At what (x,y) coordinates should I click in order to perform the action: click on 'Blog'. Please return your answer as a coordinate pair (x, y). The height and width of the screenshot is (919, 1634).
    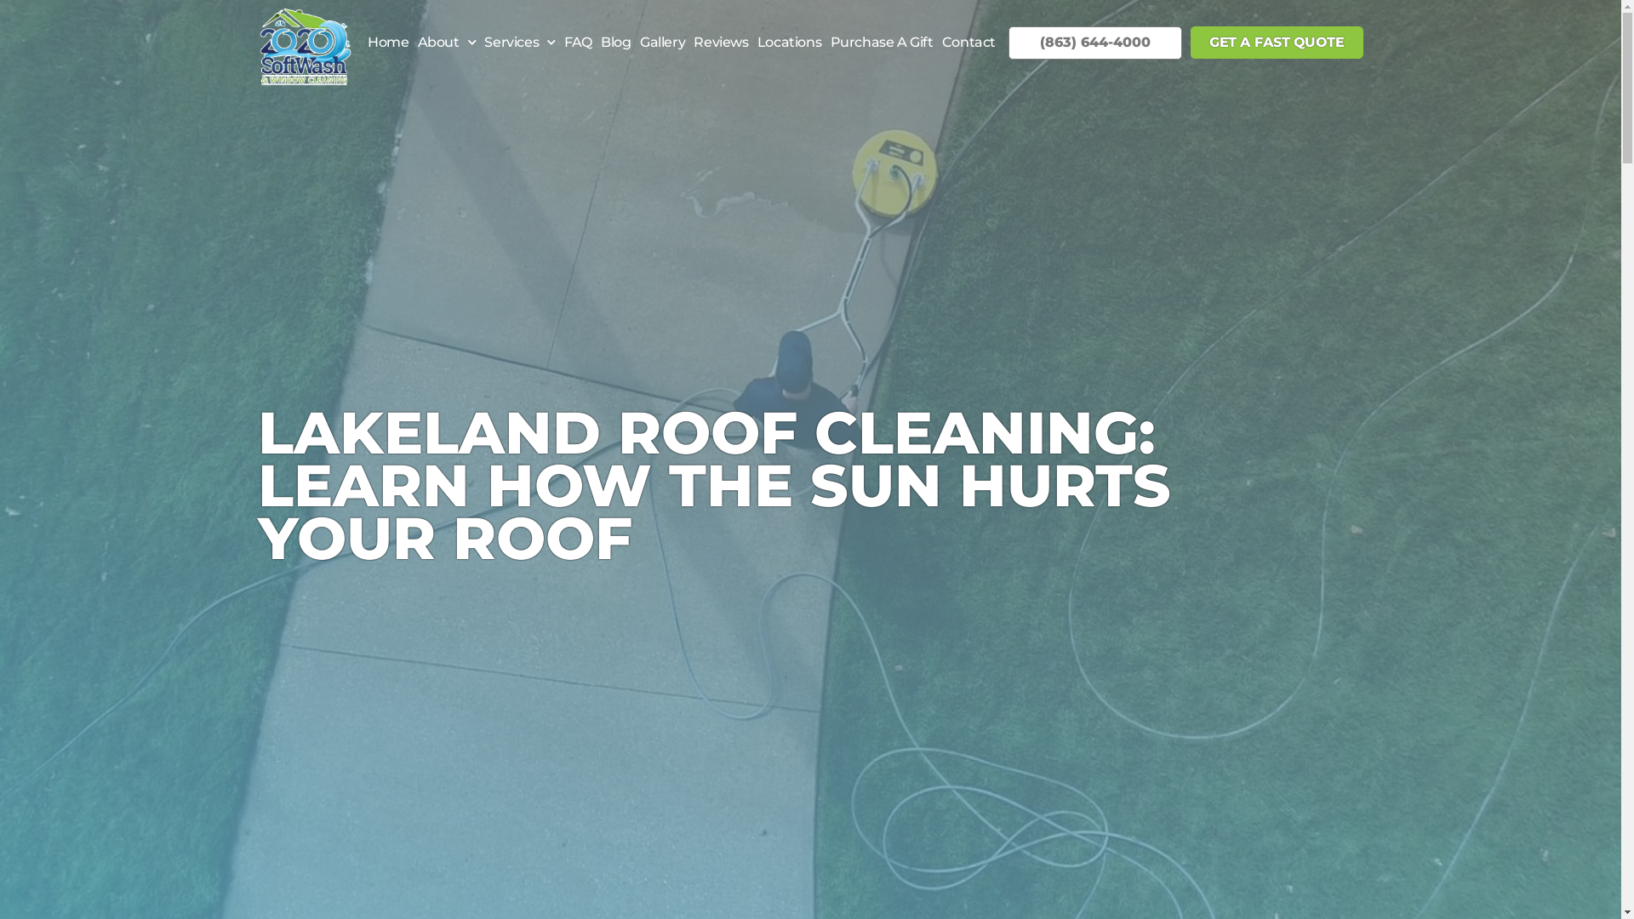
    Looking at the image, I should click on (615, 42).